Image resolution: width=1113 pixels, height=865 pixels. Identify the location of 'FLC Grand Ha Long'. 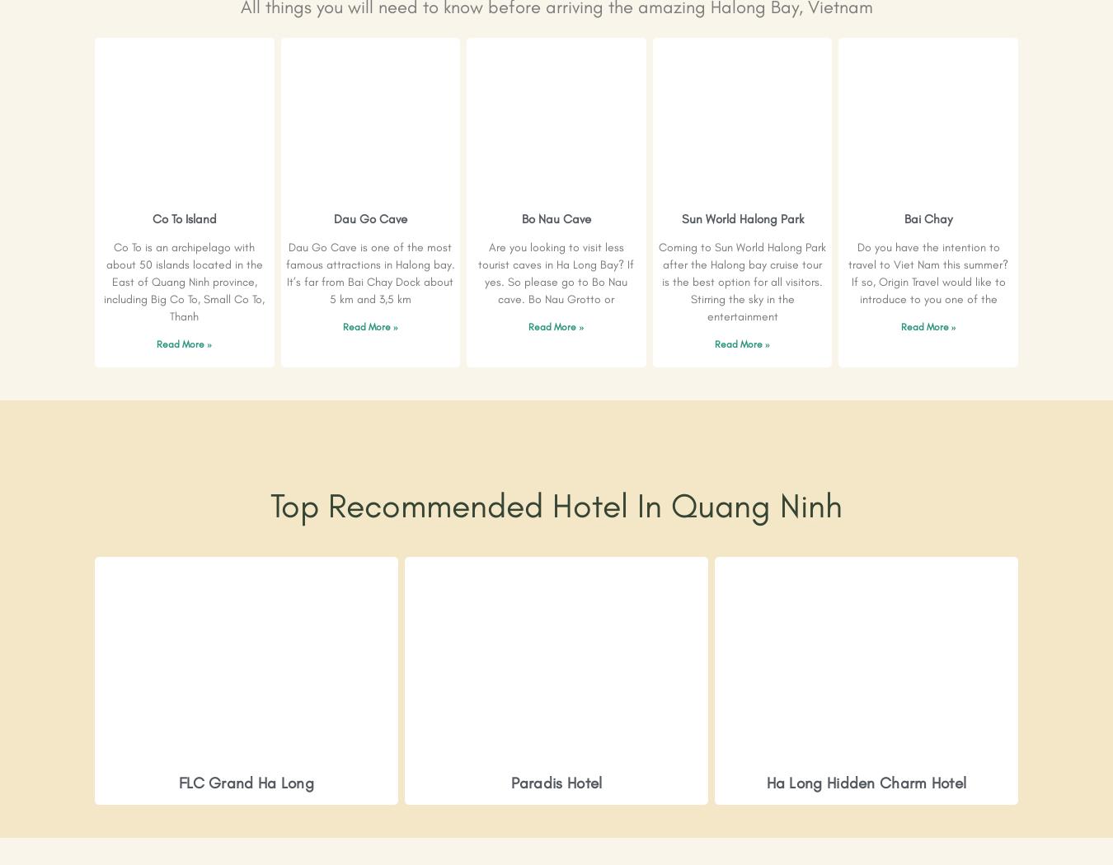
(245, 782).